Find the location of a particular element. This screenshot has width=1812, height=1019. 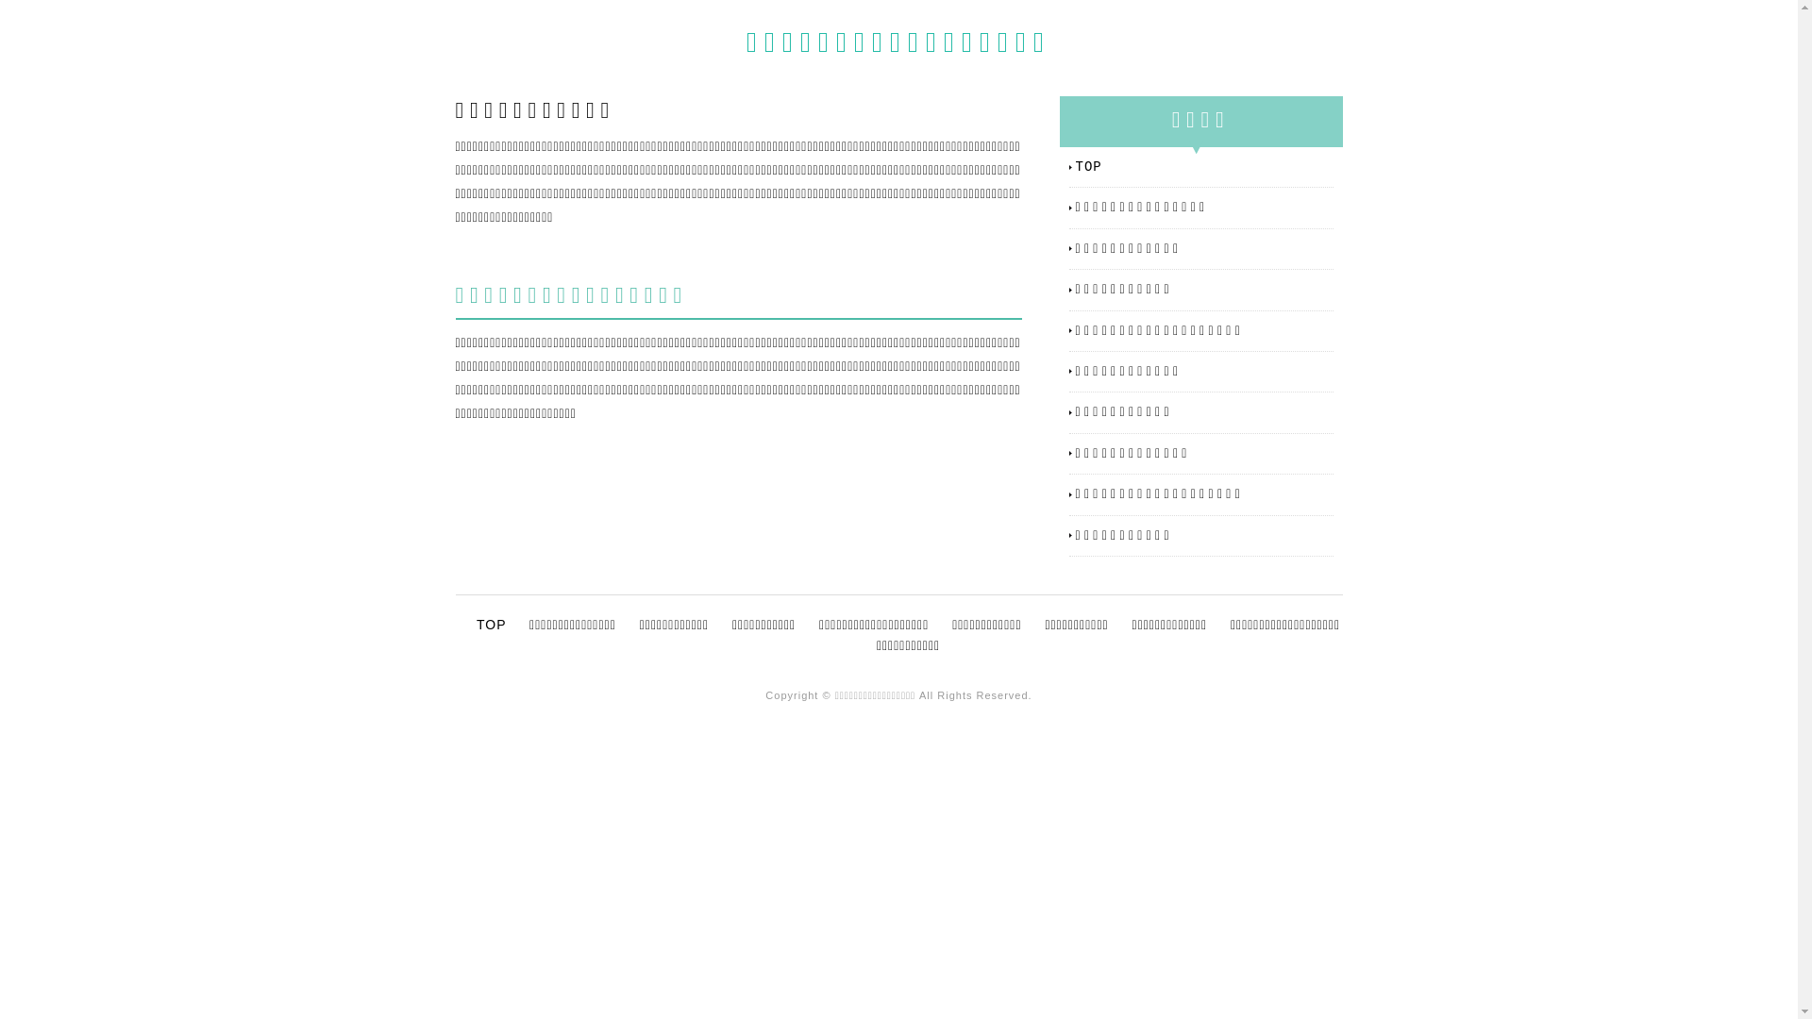

'TOP' is located at coordinates (1203, 166).